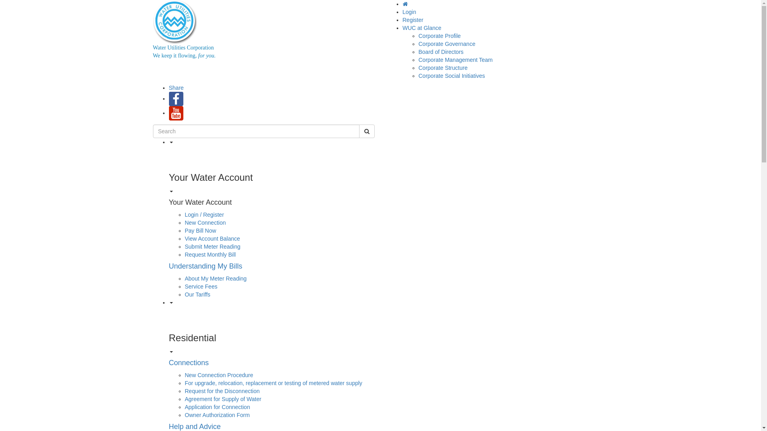  Describe the element at coordinates (418, 52) in the screenshot. I see `'Board of Directors'` at that location.